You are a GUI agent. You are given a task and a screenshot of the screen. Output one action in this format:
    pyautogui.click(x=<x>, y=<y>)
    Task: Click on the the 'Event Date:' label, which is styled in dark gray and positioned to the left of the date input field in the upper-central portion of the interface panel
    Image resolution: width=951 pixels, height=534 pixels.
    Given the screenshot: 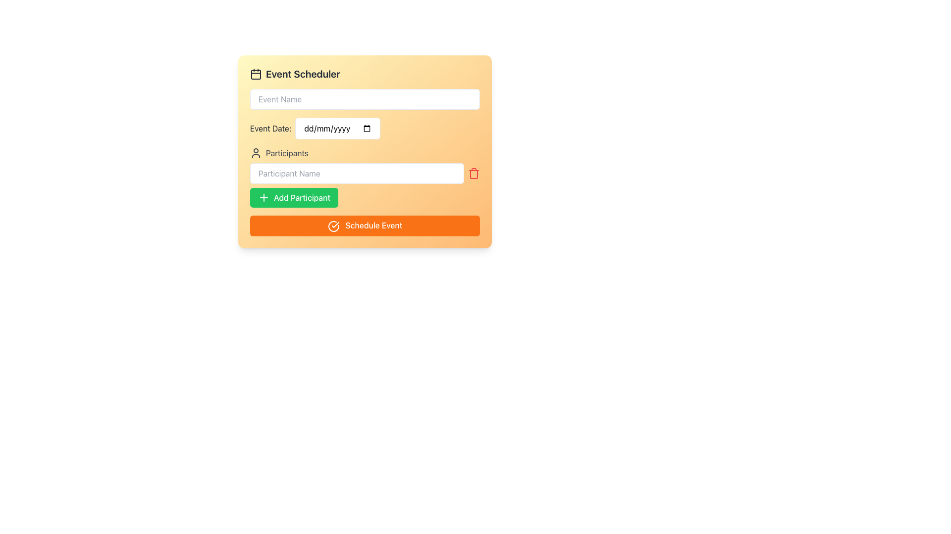 What is the action you would take?
    pyautogui.click(x=270, y=128)
    